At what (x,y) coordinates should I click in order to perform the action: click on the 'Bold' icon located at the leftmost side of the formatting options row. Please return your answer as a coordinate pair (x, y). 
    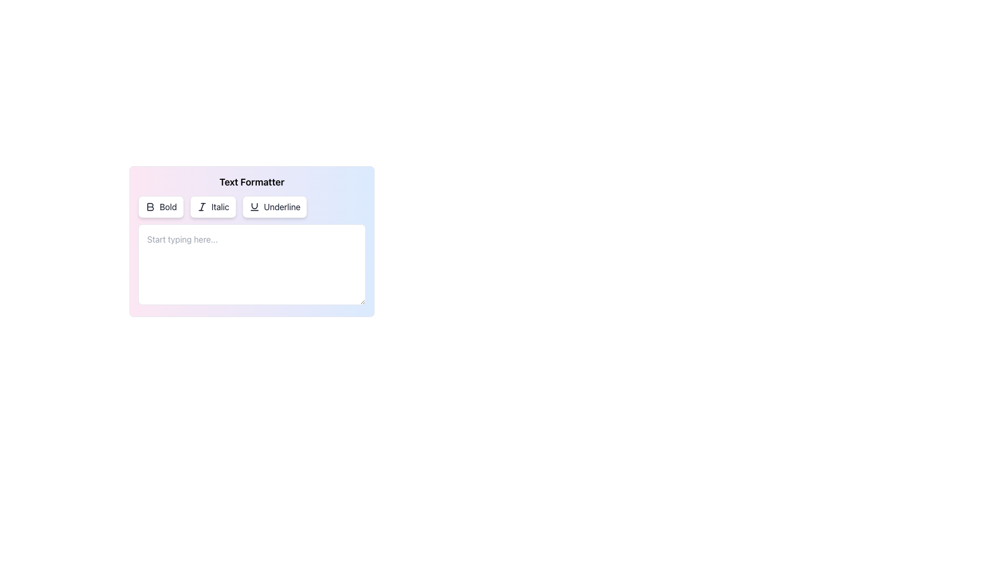
    Looking at the image, I should click on (150, 206).